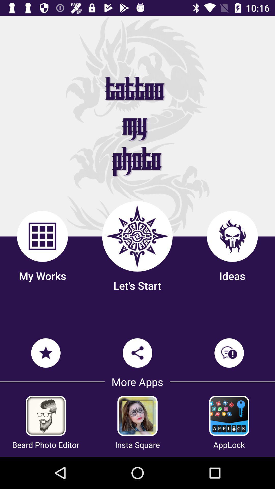 The width and height of the screenshot is (275, 489). I want to click on the image of beard photo editor on the page, so click(46, 416).